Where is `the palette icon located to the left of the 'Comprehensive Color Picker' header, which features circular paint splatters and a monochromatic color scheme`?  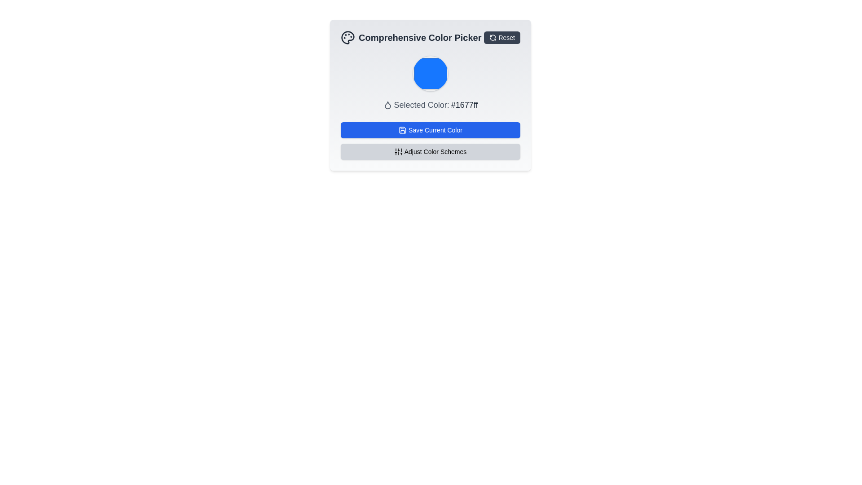
the palette icon located to the left of the 'Comprehensive Color Picker' header, which features circular paint splatters and a monochromatic color scheme is located at coordinates (347, 37).